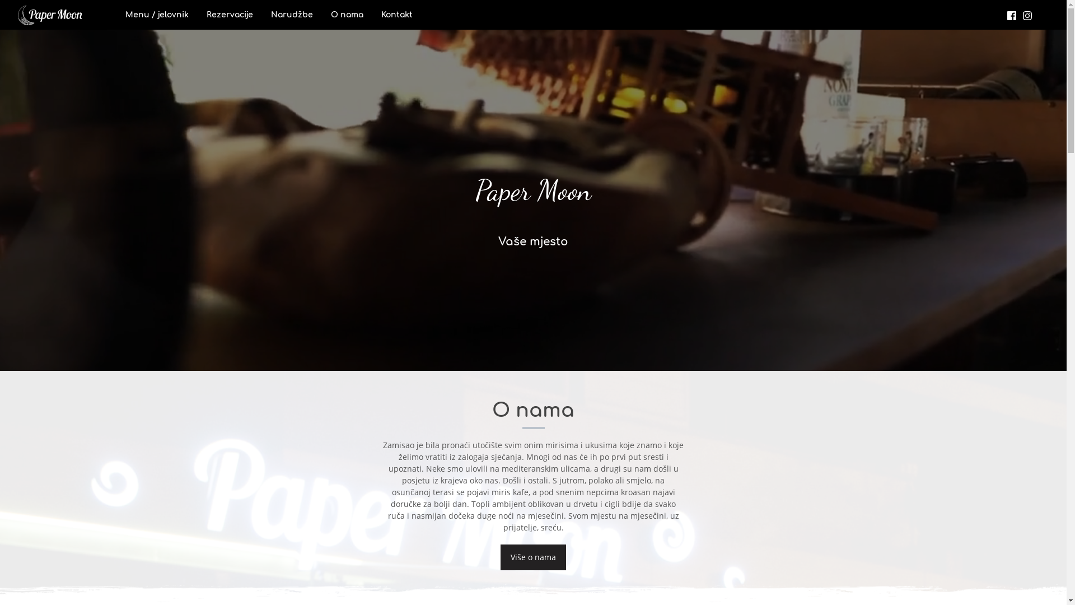  What do you see at coordinates (156, 15) in the screenshot?
I see `'Menu / jelovnik'` at bounding box center [156, 15].